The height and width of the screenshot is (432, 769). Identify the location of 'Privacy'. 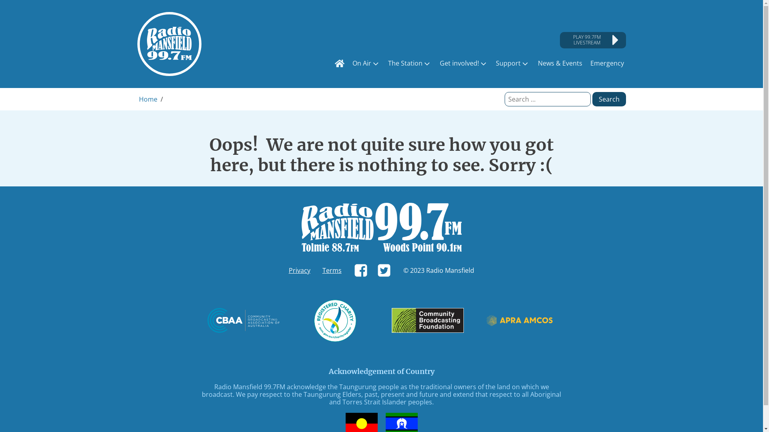
(299, 270).